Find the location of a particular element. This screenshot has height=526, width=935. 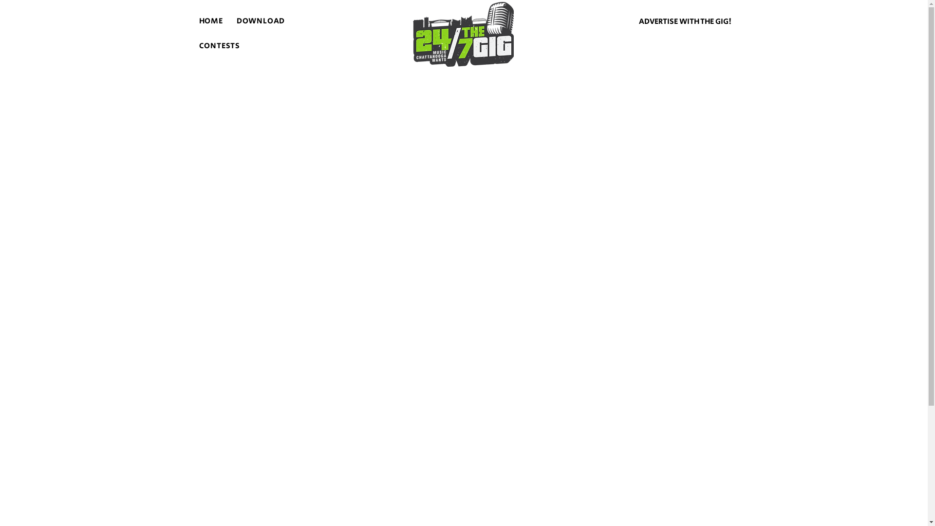

'ADVERTISE WITH THE GIG!' is located at coordinates (686, 22).